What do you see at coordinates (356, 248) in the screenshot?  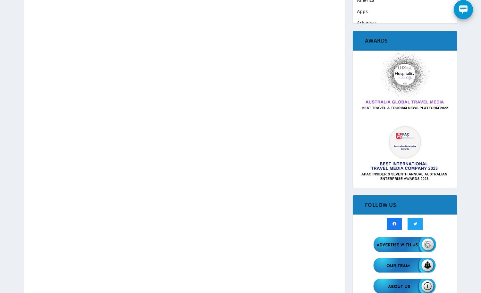 I see `'Coronavirus (Covid-19)'` at bounding box center [356, 248].